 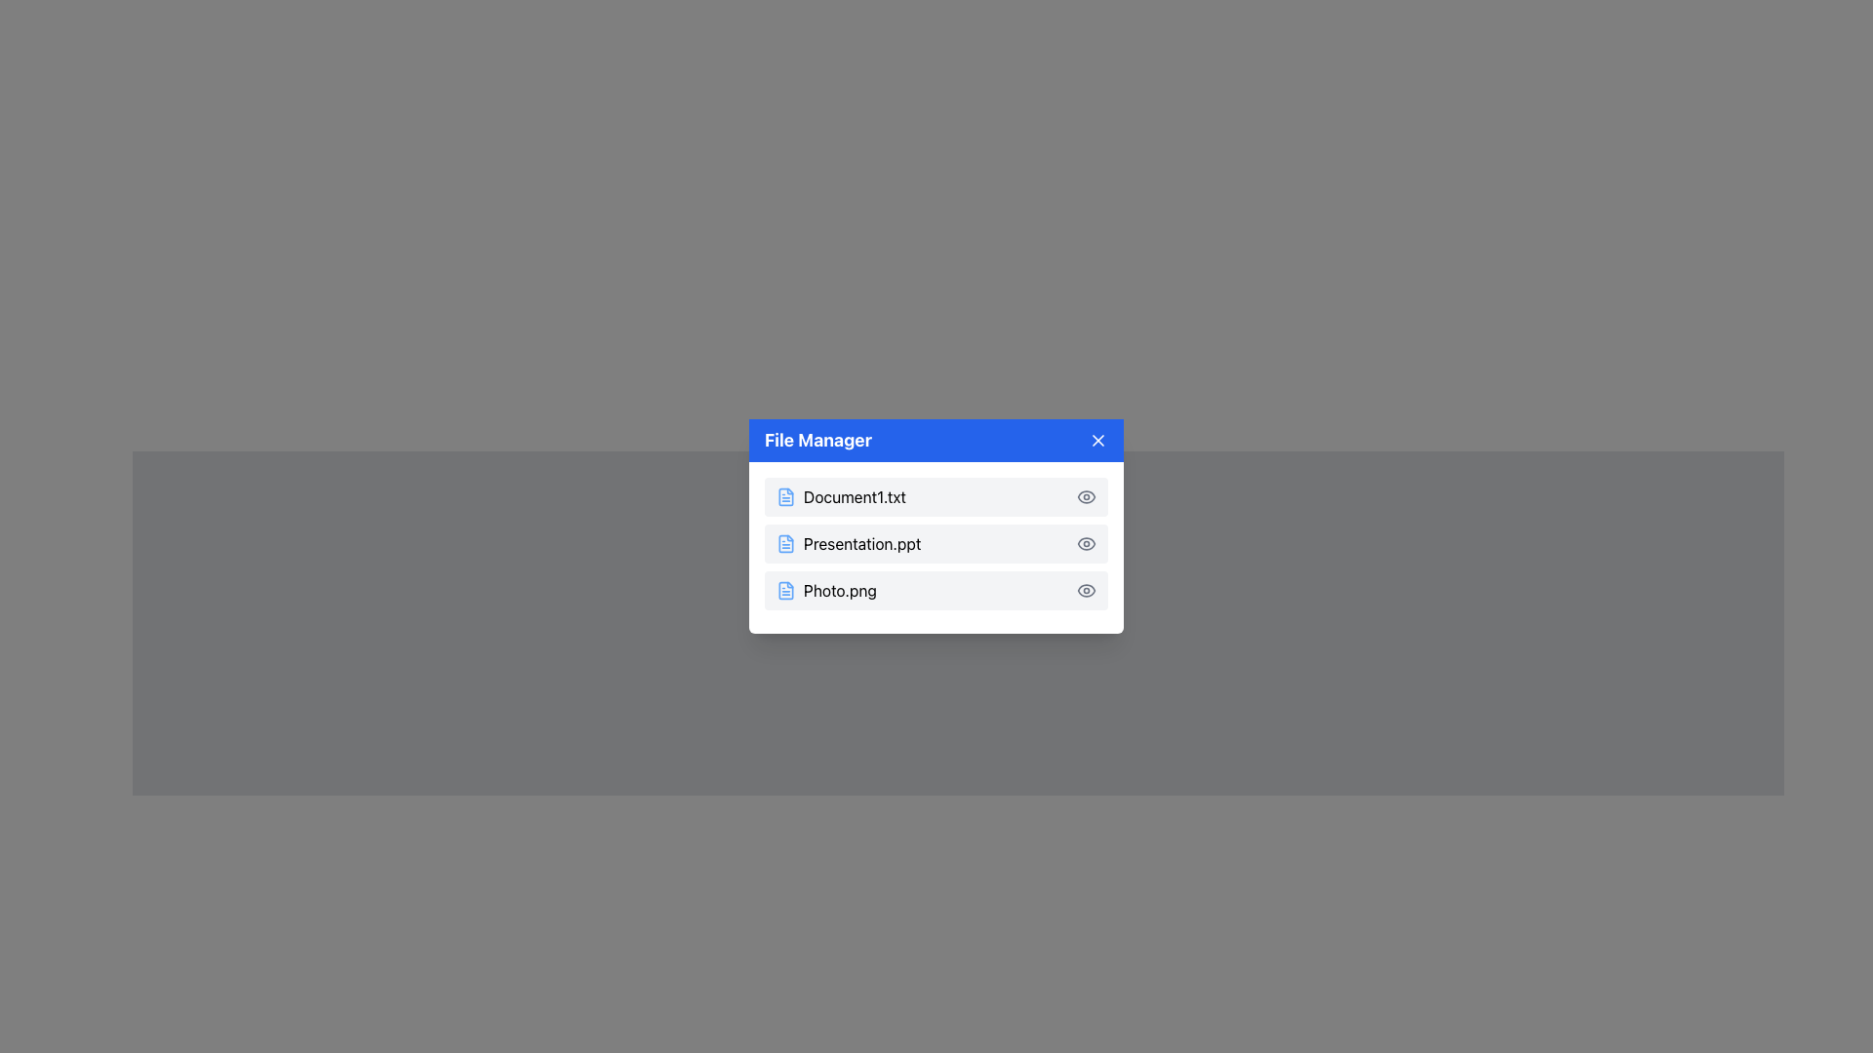 I want to click on the text label that serves as the title or header for the interface, indicating the name or purpose of the module or section it pertains to, so click(x=818, y=440).